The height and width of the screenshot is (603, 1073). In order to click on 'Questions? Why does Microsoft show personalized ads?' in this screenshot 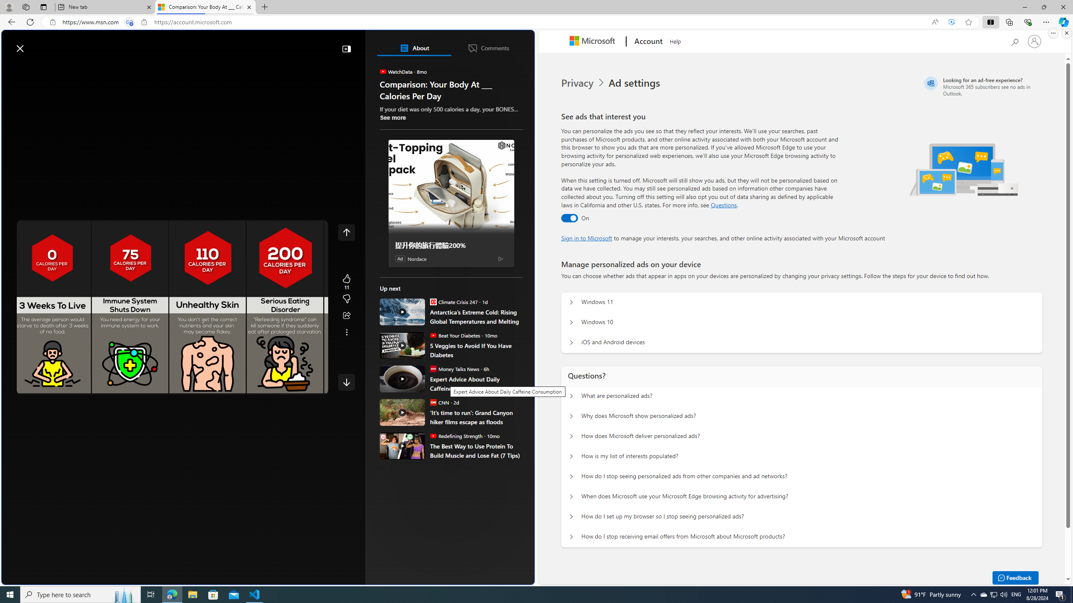, I will do `click(571, 417)`.